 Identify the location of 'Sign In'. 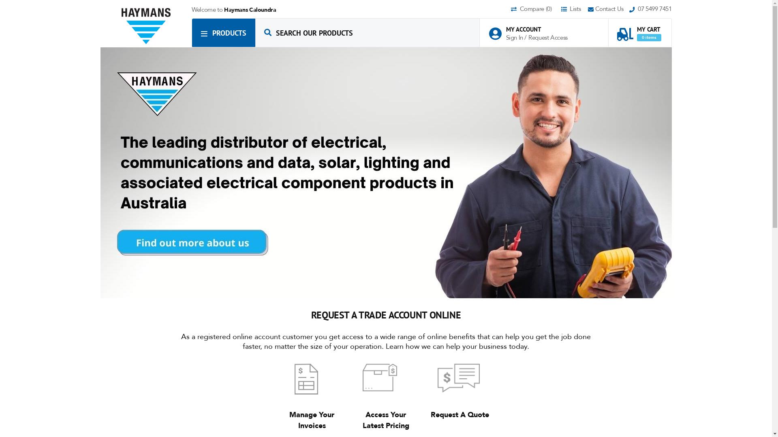
(505, 37).